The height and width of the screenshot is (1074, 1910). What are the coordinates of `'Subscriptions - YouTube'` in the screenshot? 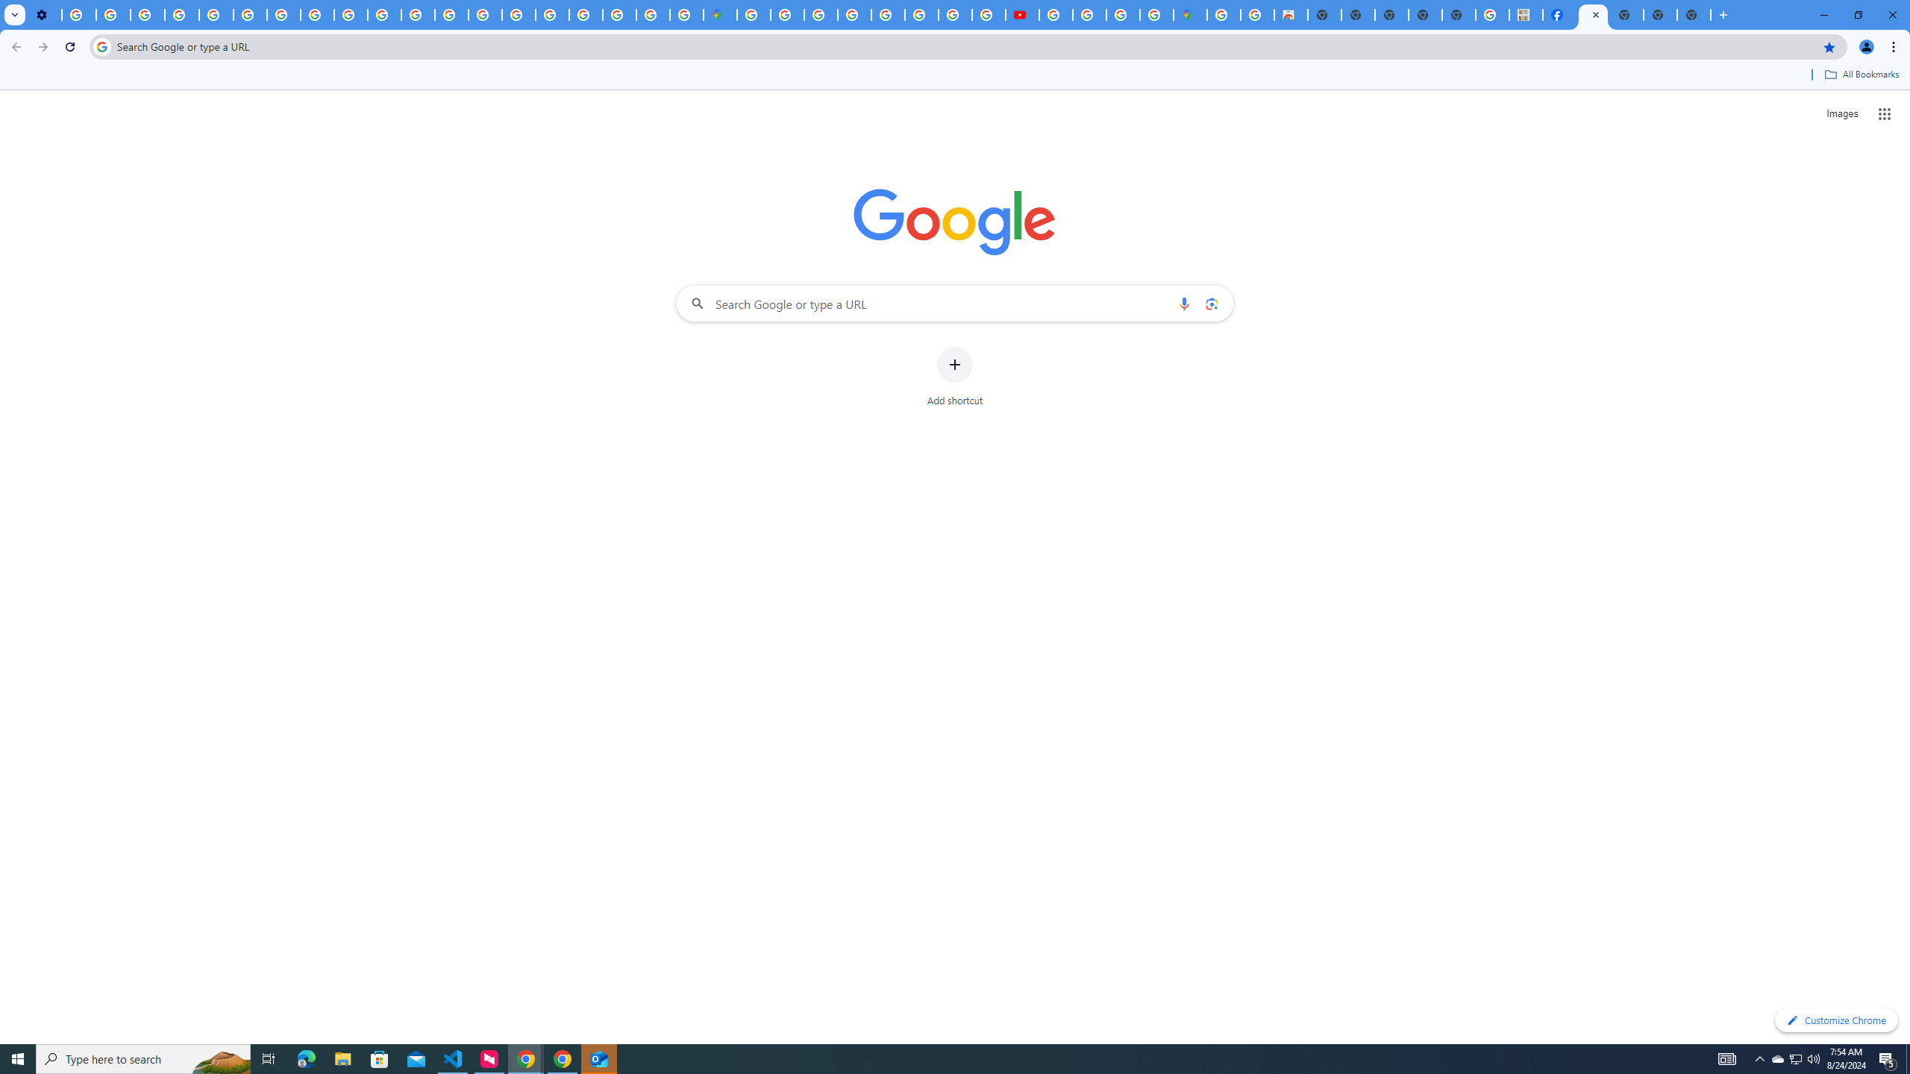 It's located at (1021, 14).